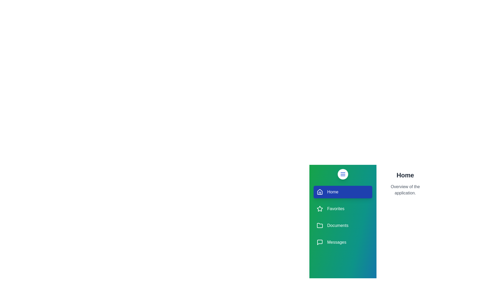 Image resolution: width=503 pixels, height=283 pixels. Describe the element at coordinates (343, 192) in the screenshot. I see `the Home section in the drawer menu to highlight it` at that location.